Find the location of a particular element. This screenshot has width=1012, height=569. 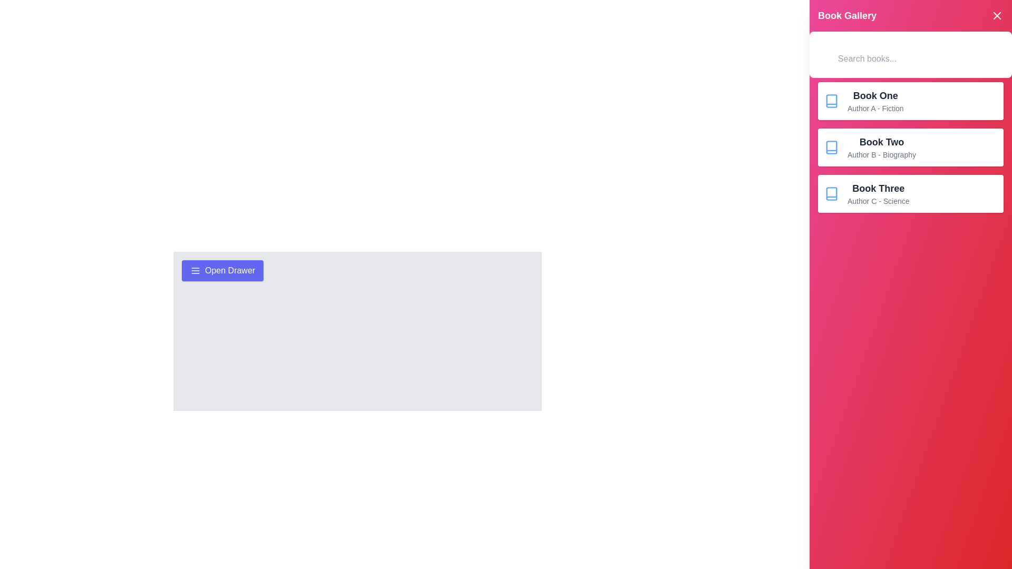

the search bar and type the book title is located at coordinates (918, 58).